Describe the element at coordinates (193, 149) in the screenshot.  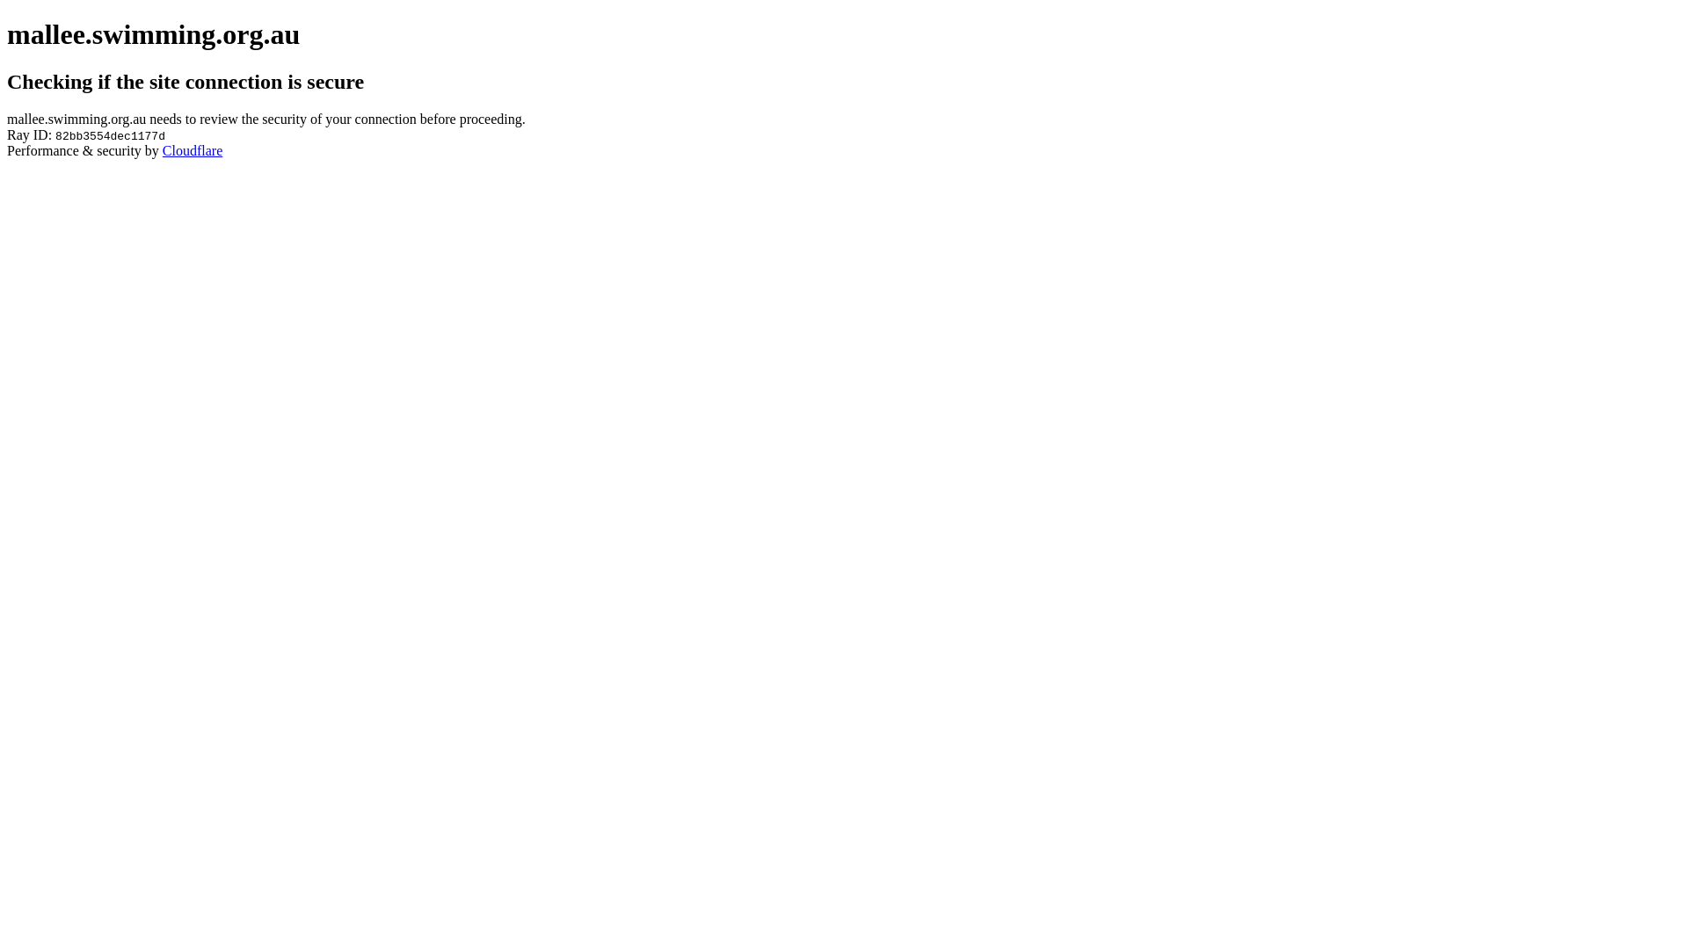
I see `'Cloudflare'` at that location.